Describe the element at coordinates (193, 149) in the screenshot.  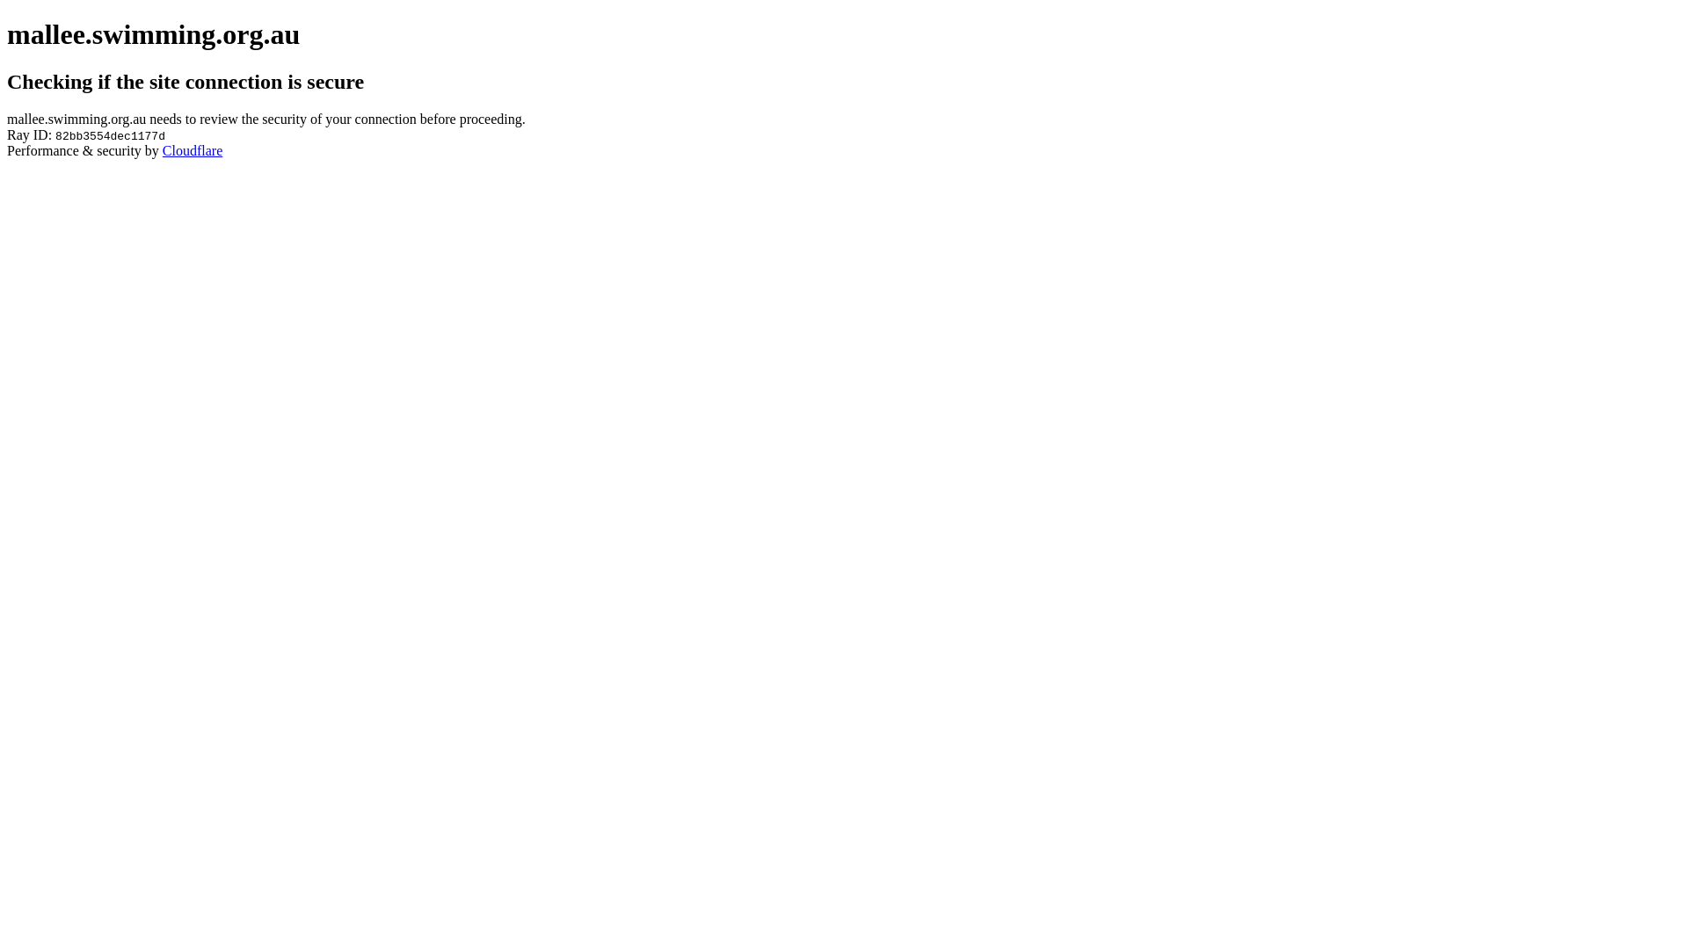
I see `'Cloudflare'` at that location.